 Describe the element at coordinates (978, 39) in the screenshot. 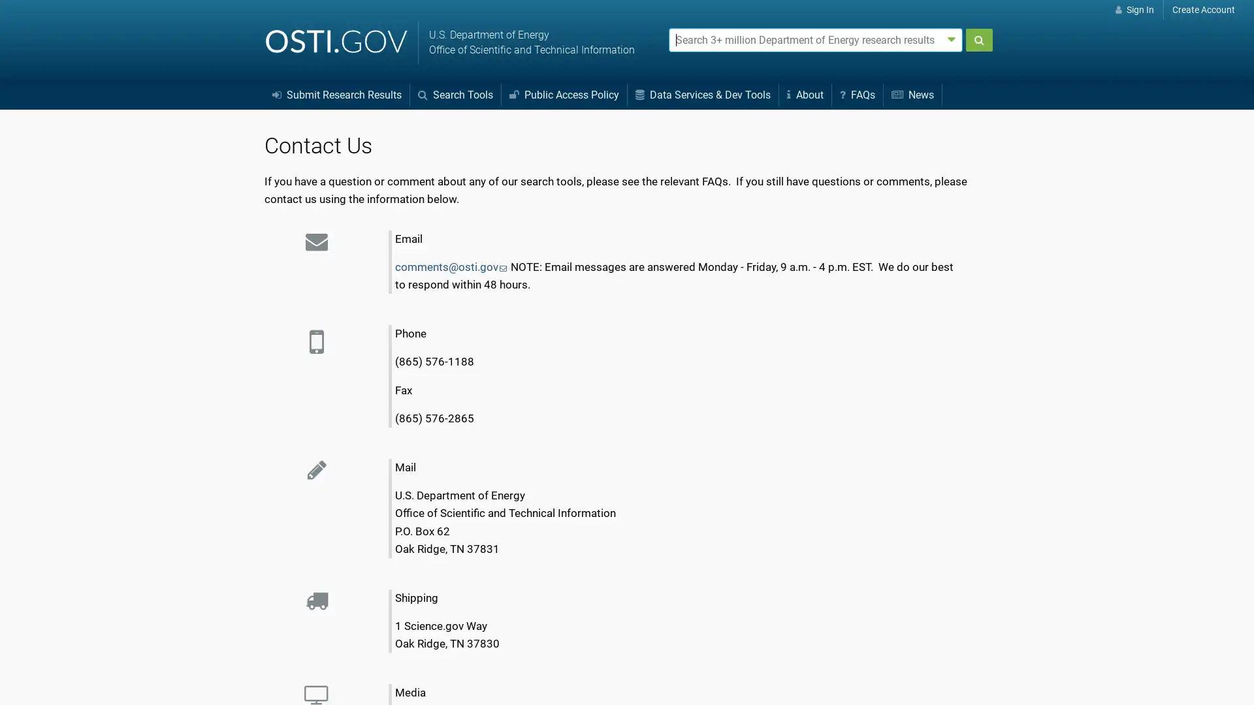

I see `Submit` at that location.